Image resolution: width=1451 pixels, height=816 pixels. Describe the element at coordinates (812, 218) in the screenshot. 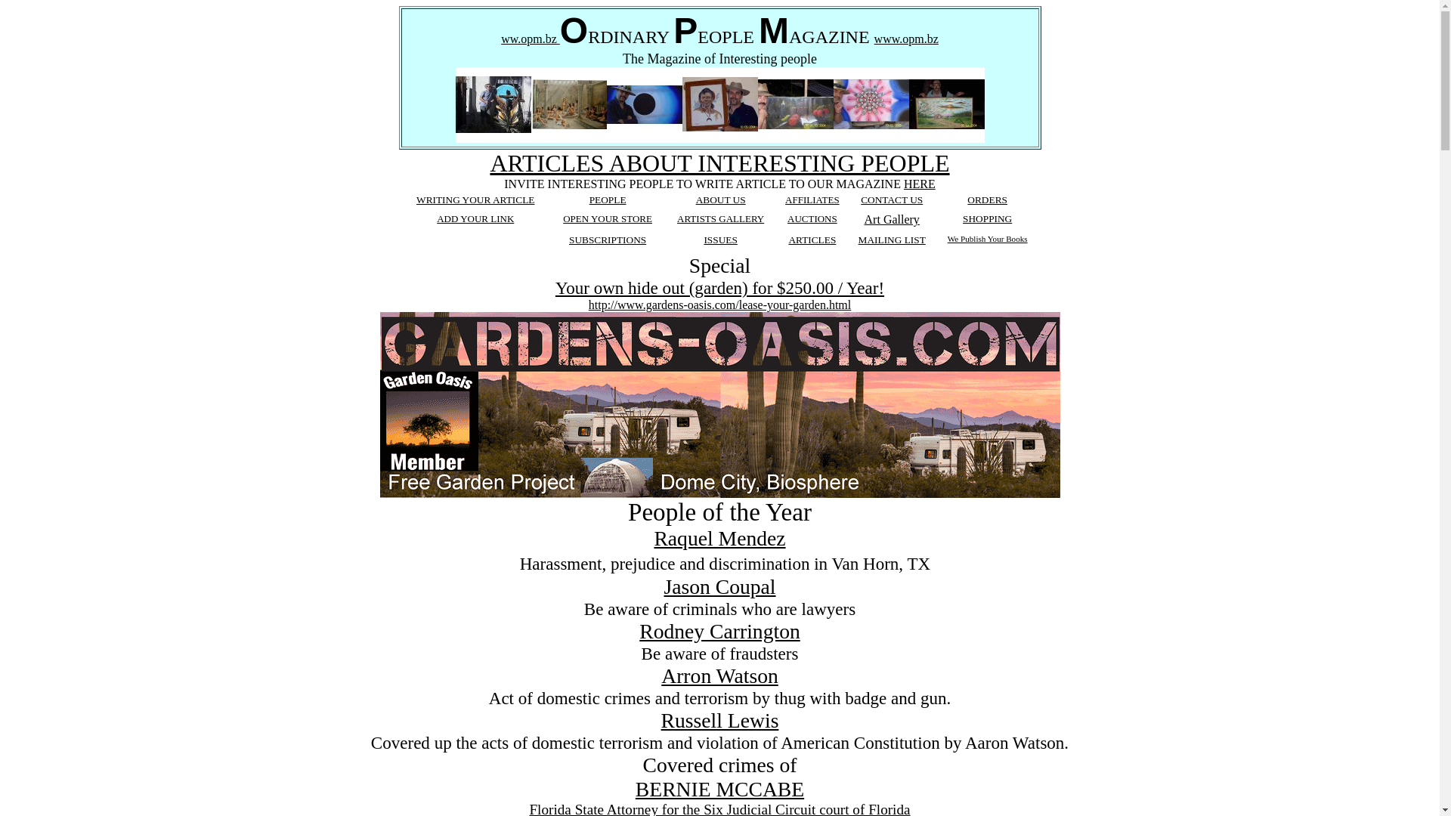

I see `'AUCTIONS'` at that location.